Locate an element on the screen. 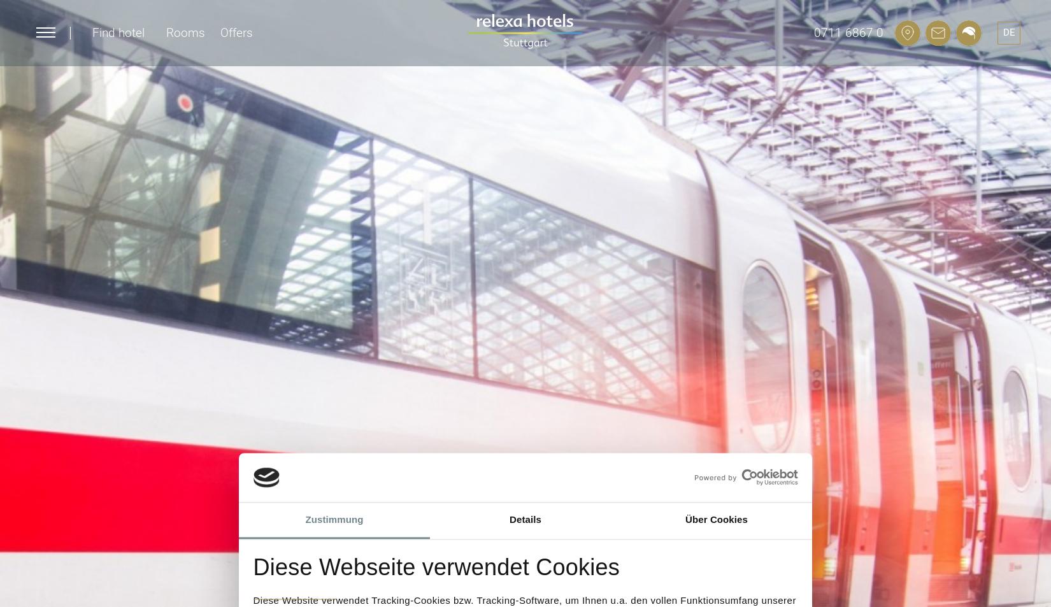  'Stuttgart' is located at coordinates (94, 308).